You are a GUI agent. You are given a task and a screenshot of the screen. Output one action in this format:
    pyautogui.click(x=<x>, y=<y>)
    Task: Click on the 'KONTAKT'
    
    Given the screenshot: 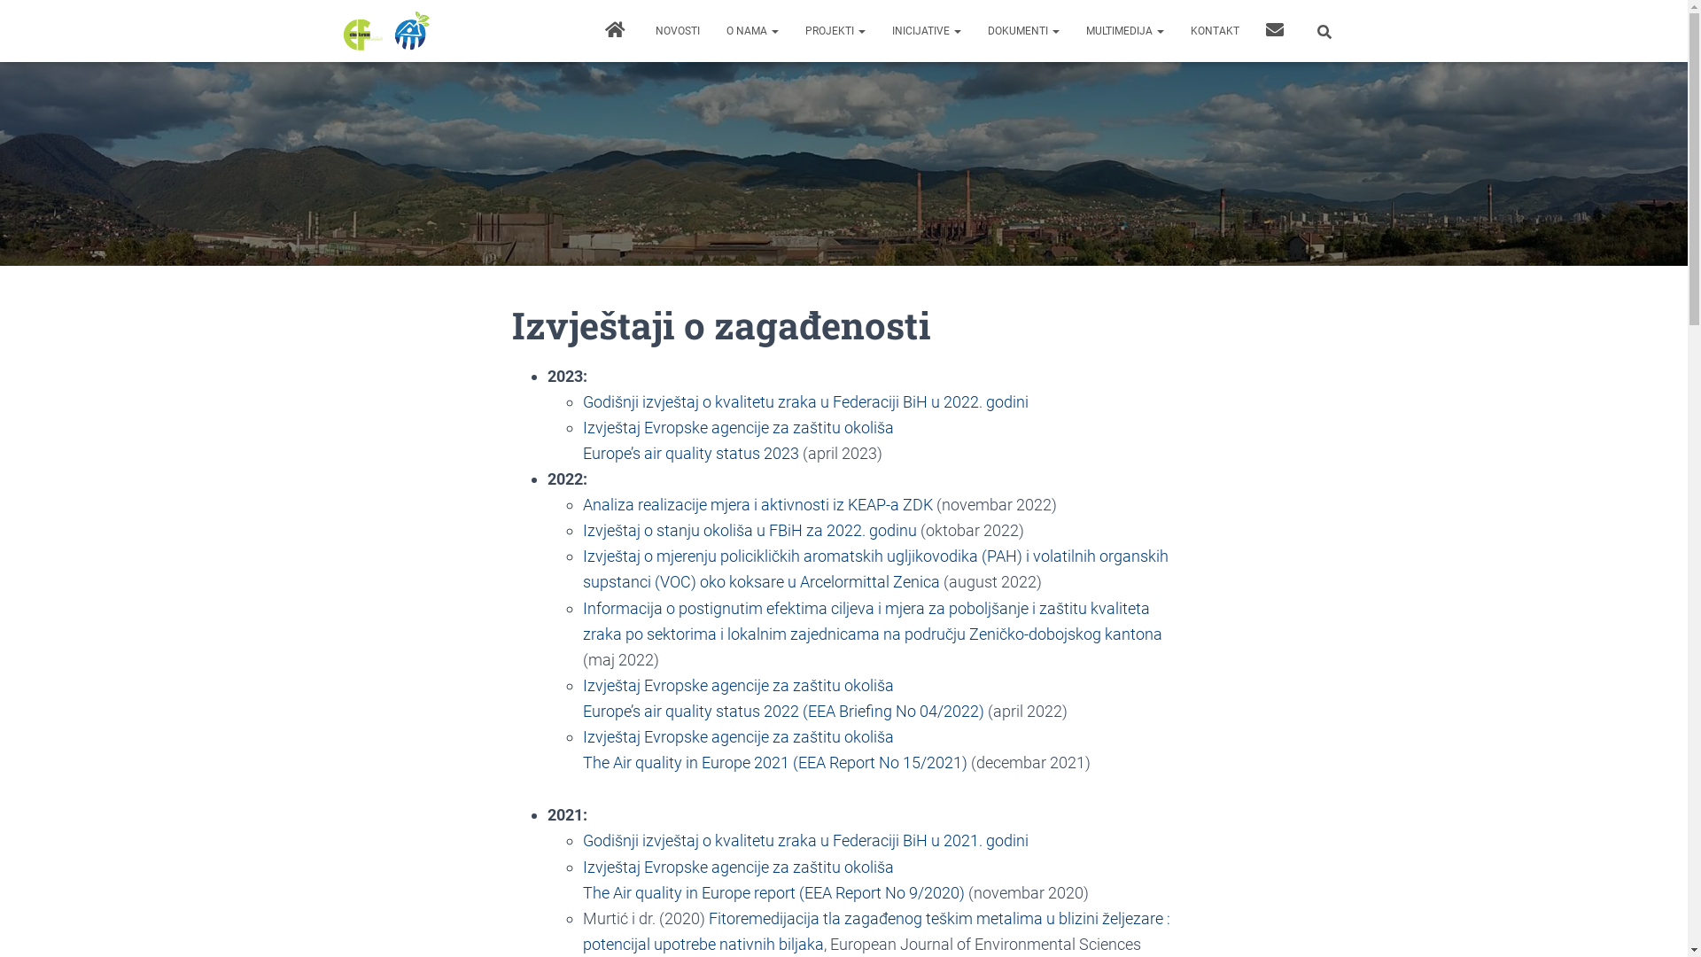 What is the action you would take?
    pyautogui.click(x=1213, y=30)
    